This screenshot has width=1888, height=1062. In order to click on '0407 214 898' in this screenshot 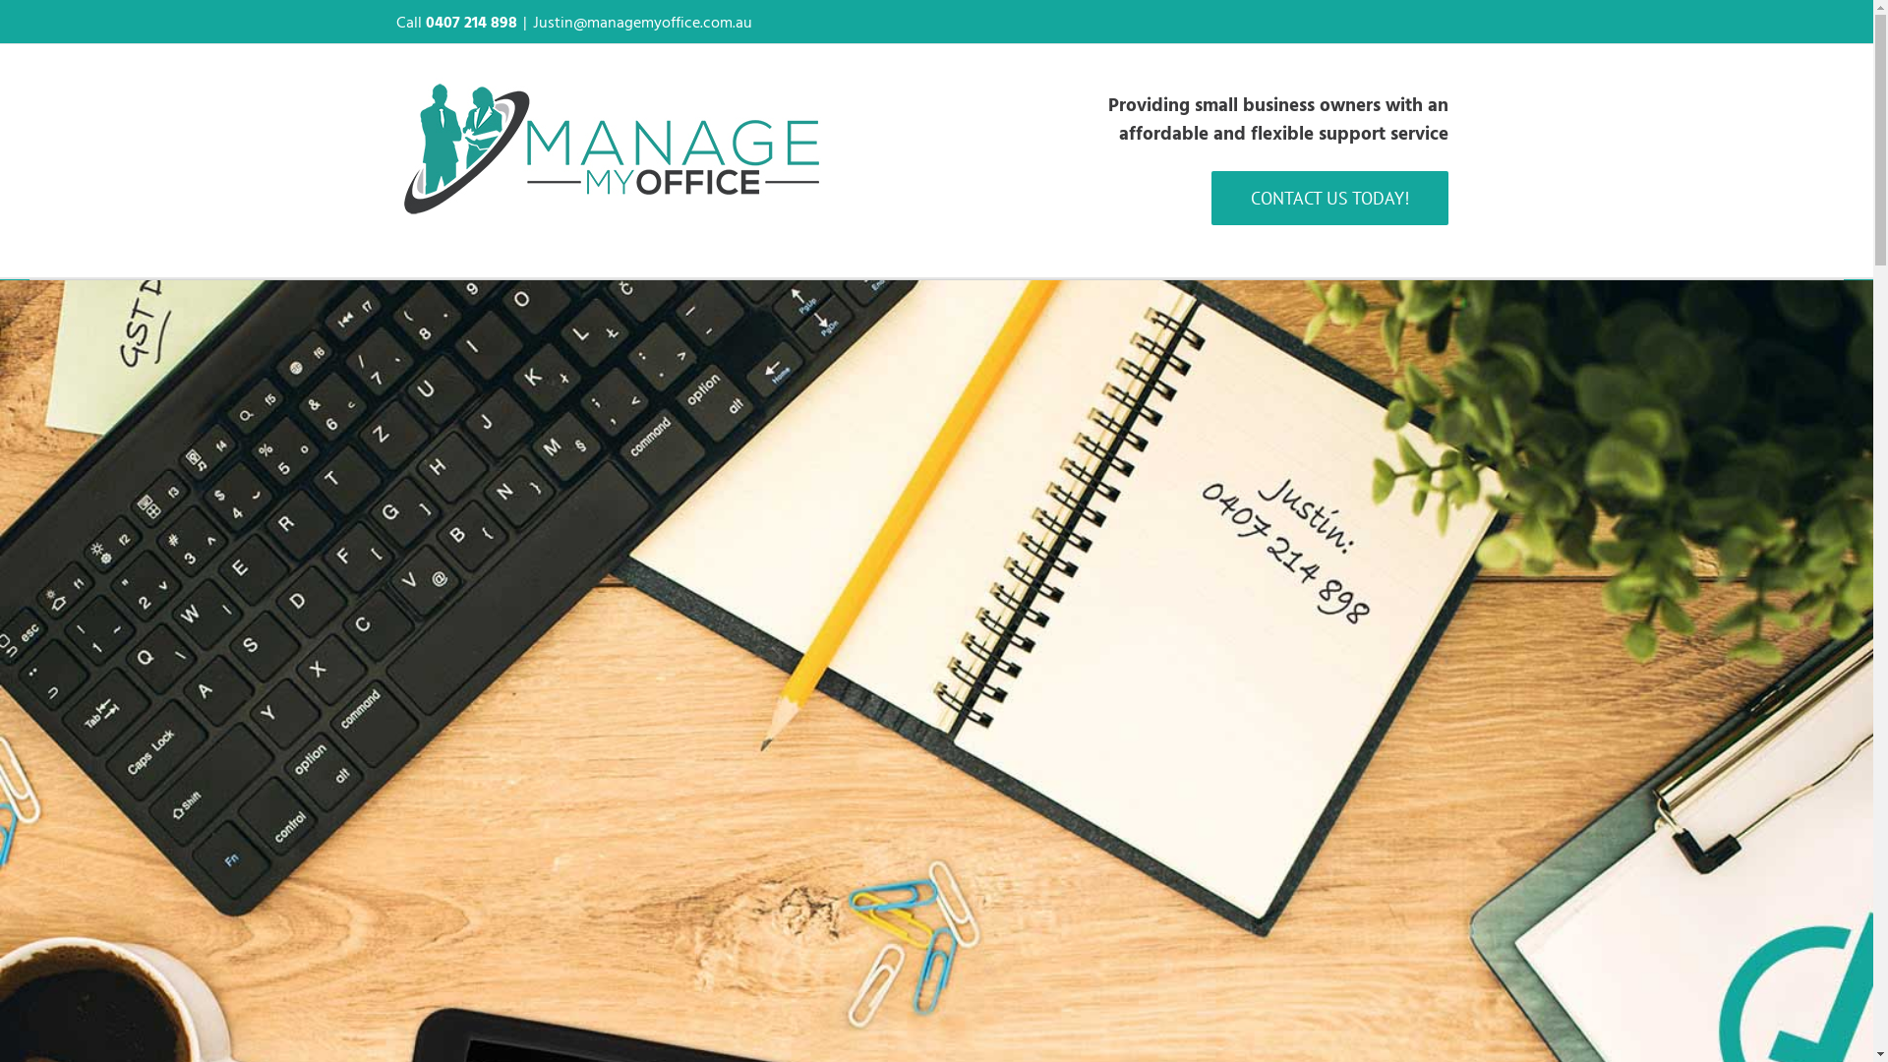, I will do `click(469, 22)`.